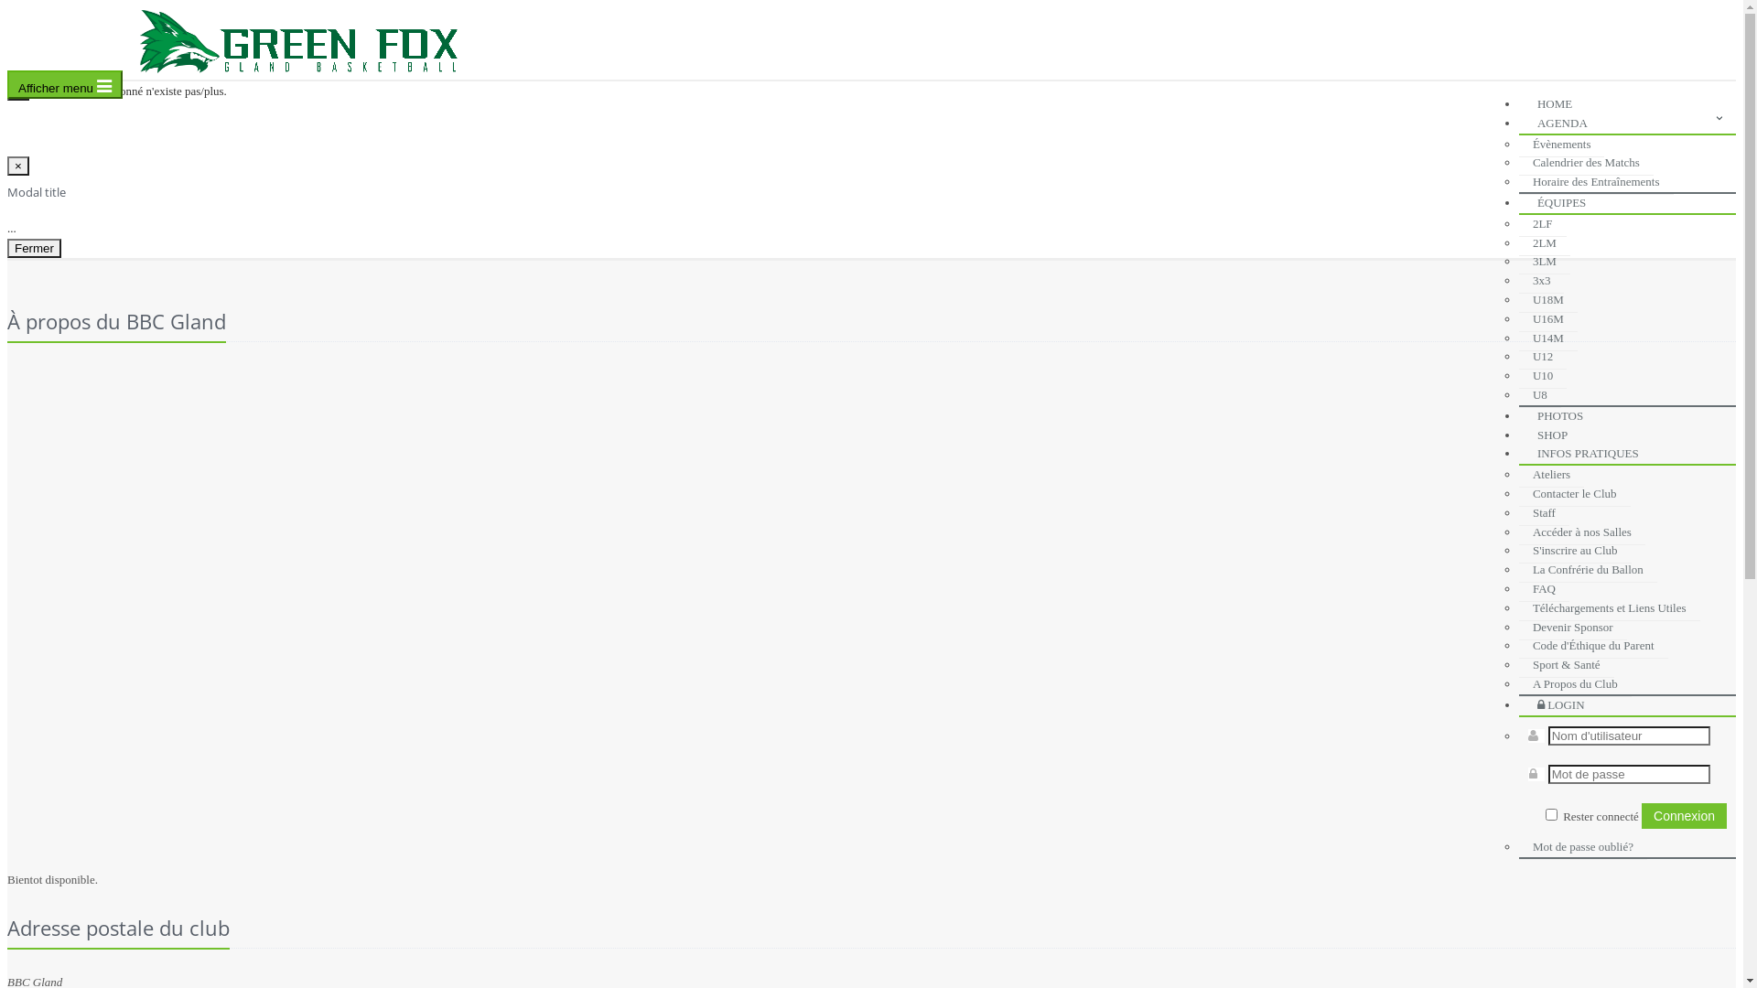 The image size is (1757, 988). What do you see at coordinates (1543, 512) in the screenshot?
I see `'Staff'` at bounding box center [1543, 512].